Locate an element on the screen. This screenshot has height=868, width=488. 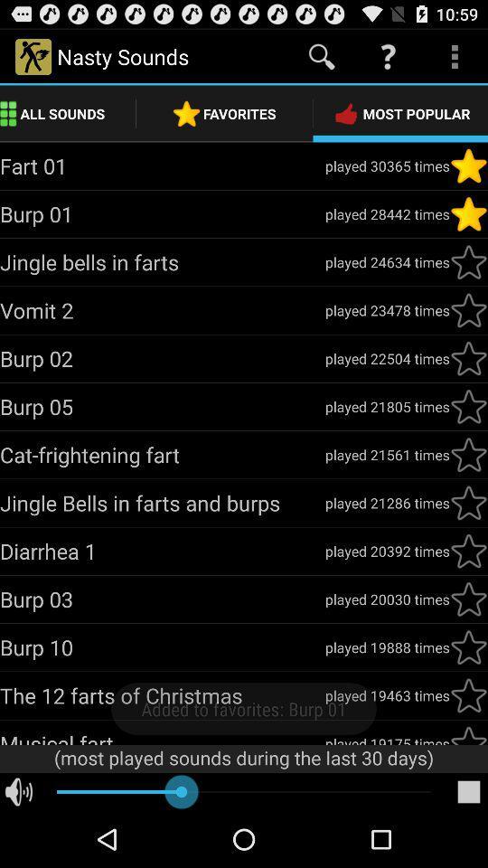
vomit 2 is located at coordinates (468, 310).